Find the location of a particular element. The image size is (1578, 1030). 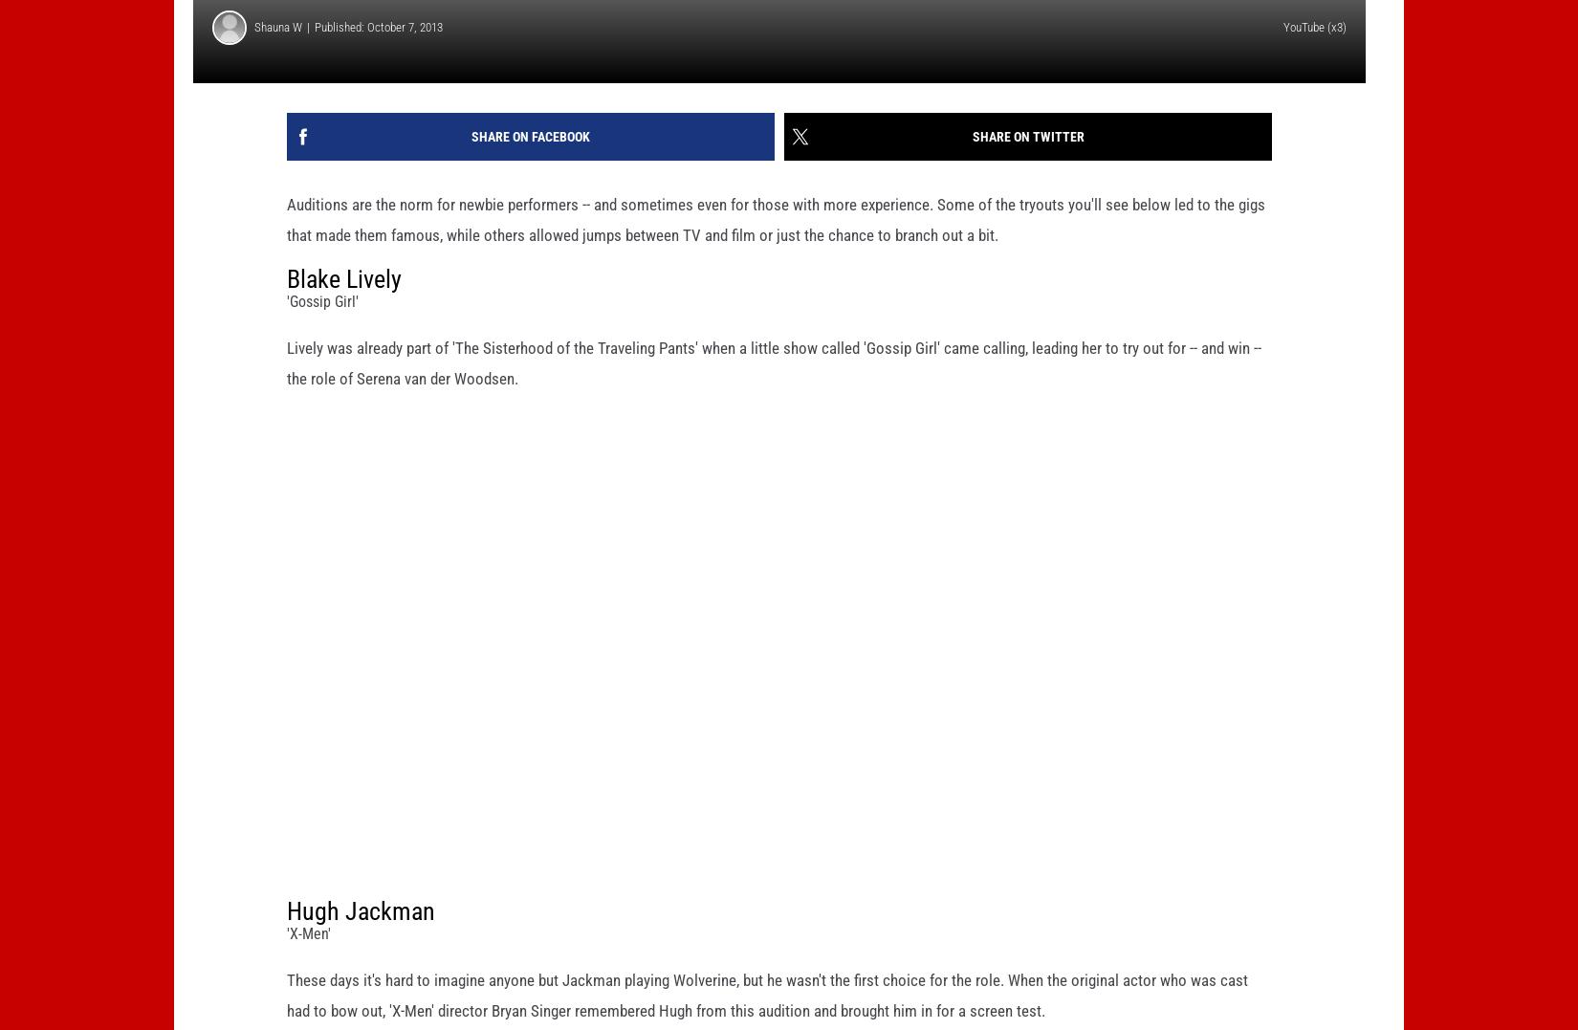

'Lively was already part of 'The Sisterhood of the Traveling Pants' when a little show called 'Gossip Girl' came calling, leading her to try out for -- and win -- the role of Serena van der Woodsen.' is located at coordinates (286, 392).